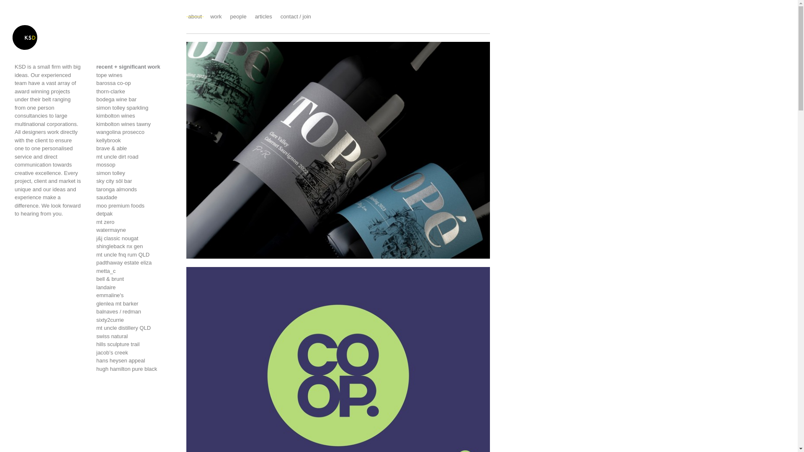  Describe the element at coordinates (134, 91) in the screenshot. I see `'thorn-clarke'` at that location.